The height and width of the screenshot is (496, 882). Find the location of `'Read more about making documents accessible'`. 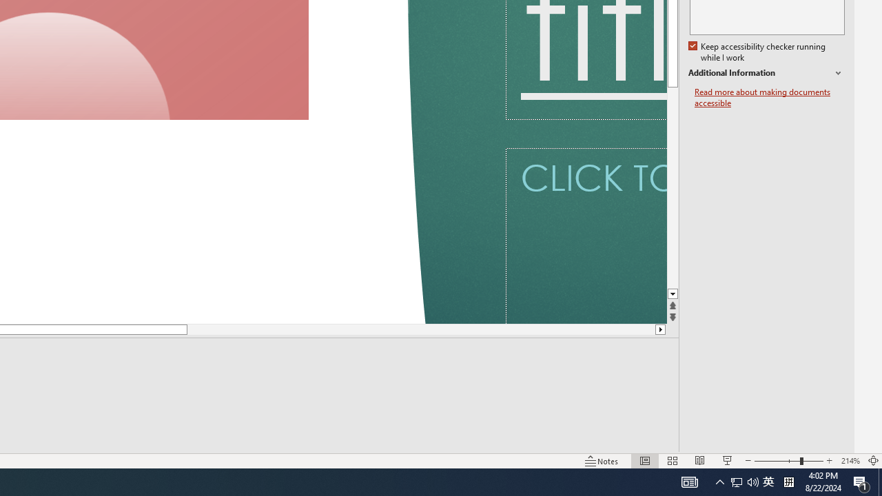

'Read more about making documents accessible' is located at coordinates (769, 97).